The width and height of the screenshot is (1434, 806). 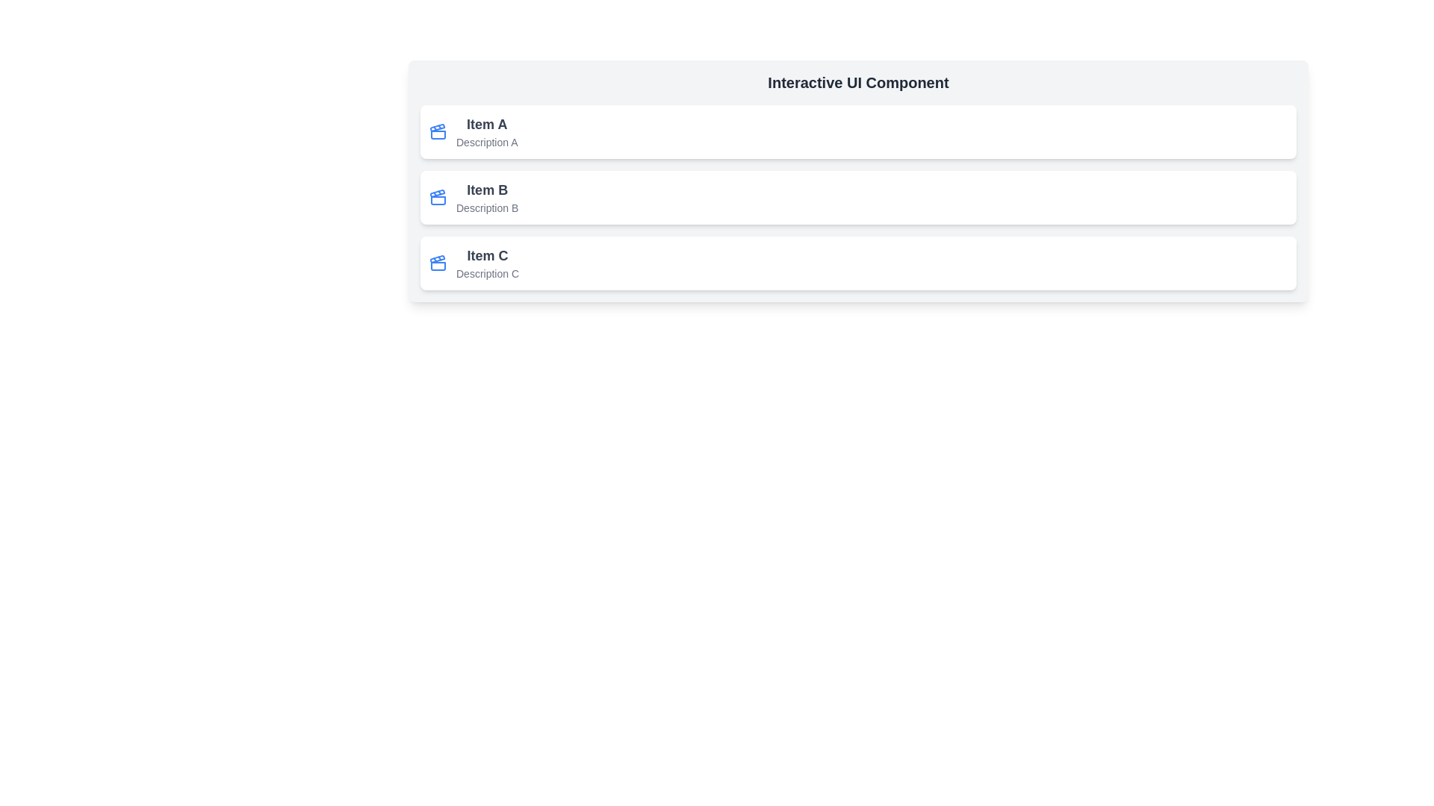 What do you see at coordinates (487, 273) in the screenshot?
I see `the text label displaying 'Description C', which is styled in a small gray font and located directly beneath the text 'Item C'` at bounding box center [487, 273].